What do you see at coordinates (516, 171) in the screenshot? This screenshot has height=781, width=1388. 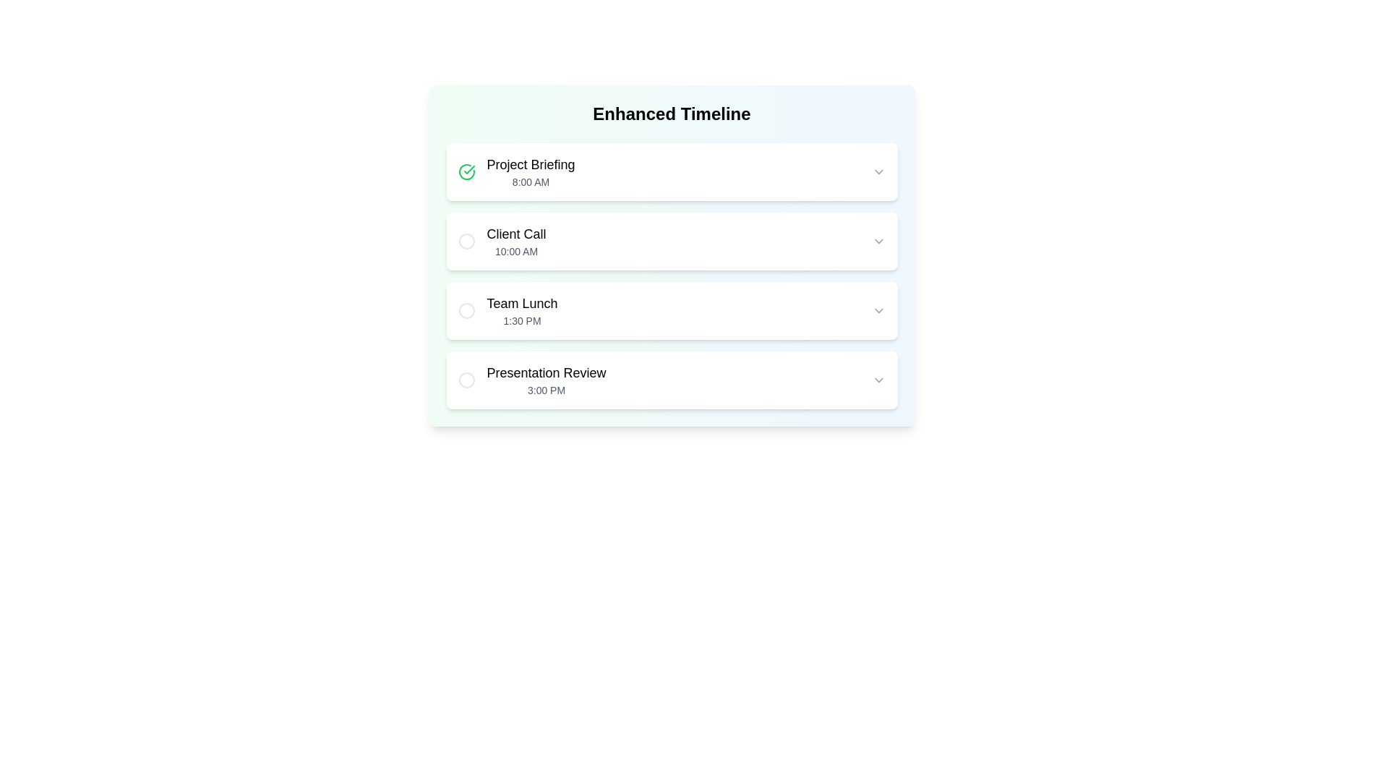 I see `the first list item in the timeline interface that contains the text 'Project Briefing' and a green circular icon with a checkmark` at bounding box center [516, 171].